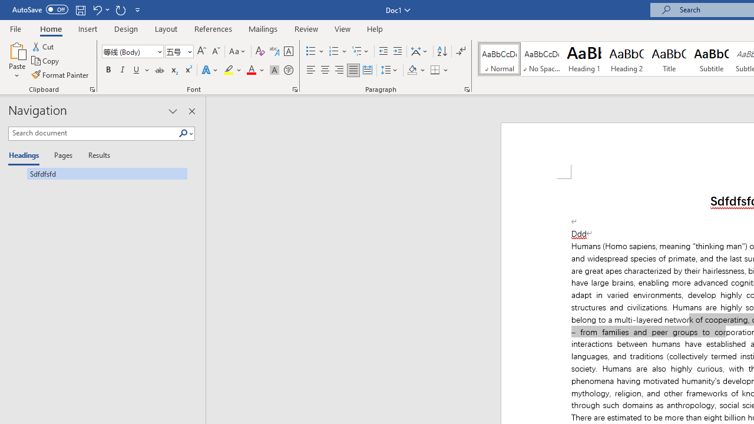 This screenshot has width=754, height=424. Describe the element at coordinates (178, 51) in the screenshot. I see `'Font Size'` at that location.